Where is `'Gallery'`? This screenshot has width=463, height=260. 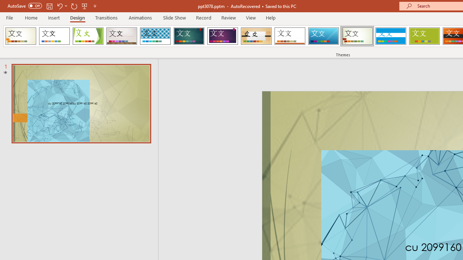
'Gallery' is located at coordinates (122, 36).